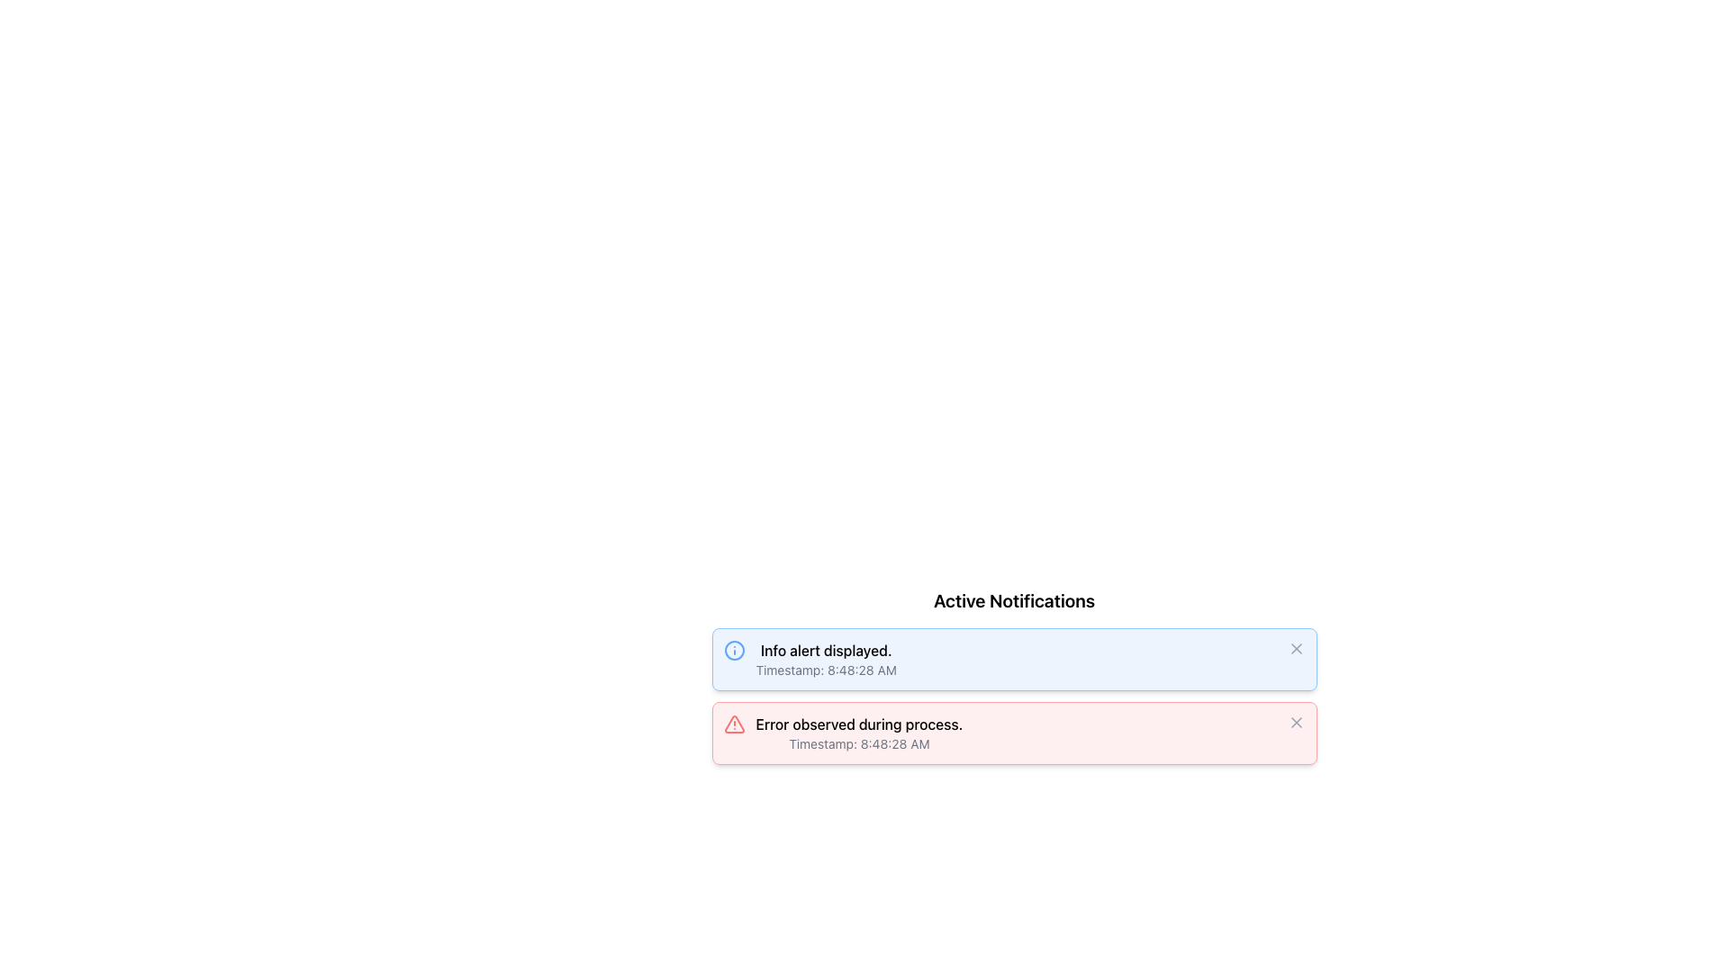  What do you see at coordinates (825, 650) in the screenshot?
I see `the Text Label that displays the notification message 'Info alert displayed.' located in the upper section of the light blue notification box` at bounding box center [825, 650].